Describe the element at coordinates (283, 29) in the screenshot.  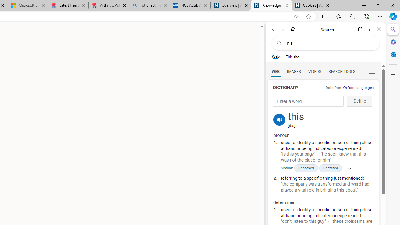
I see `'Forward'` at that location.